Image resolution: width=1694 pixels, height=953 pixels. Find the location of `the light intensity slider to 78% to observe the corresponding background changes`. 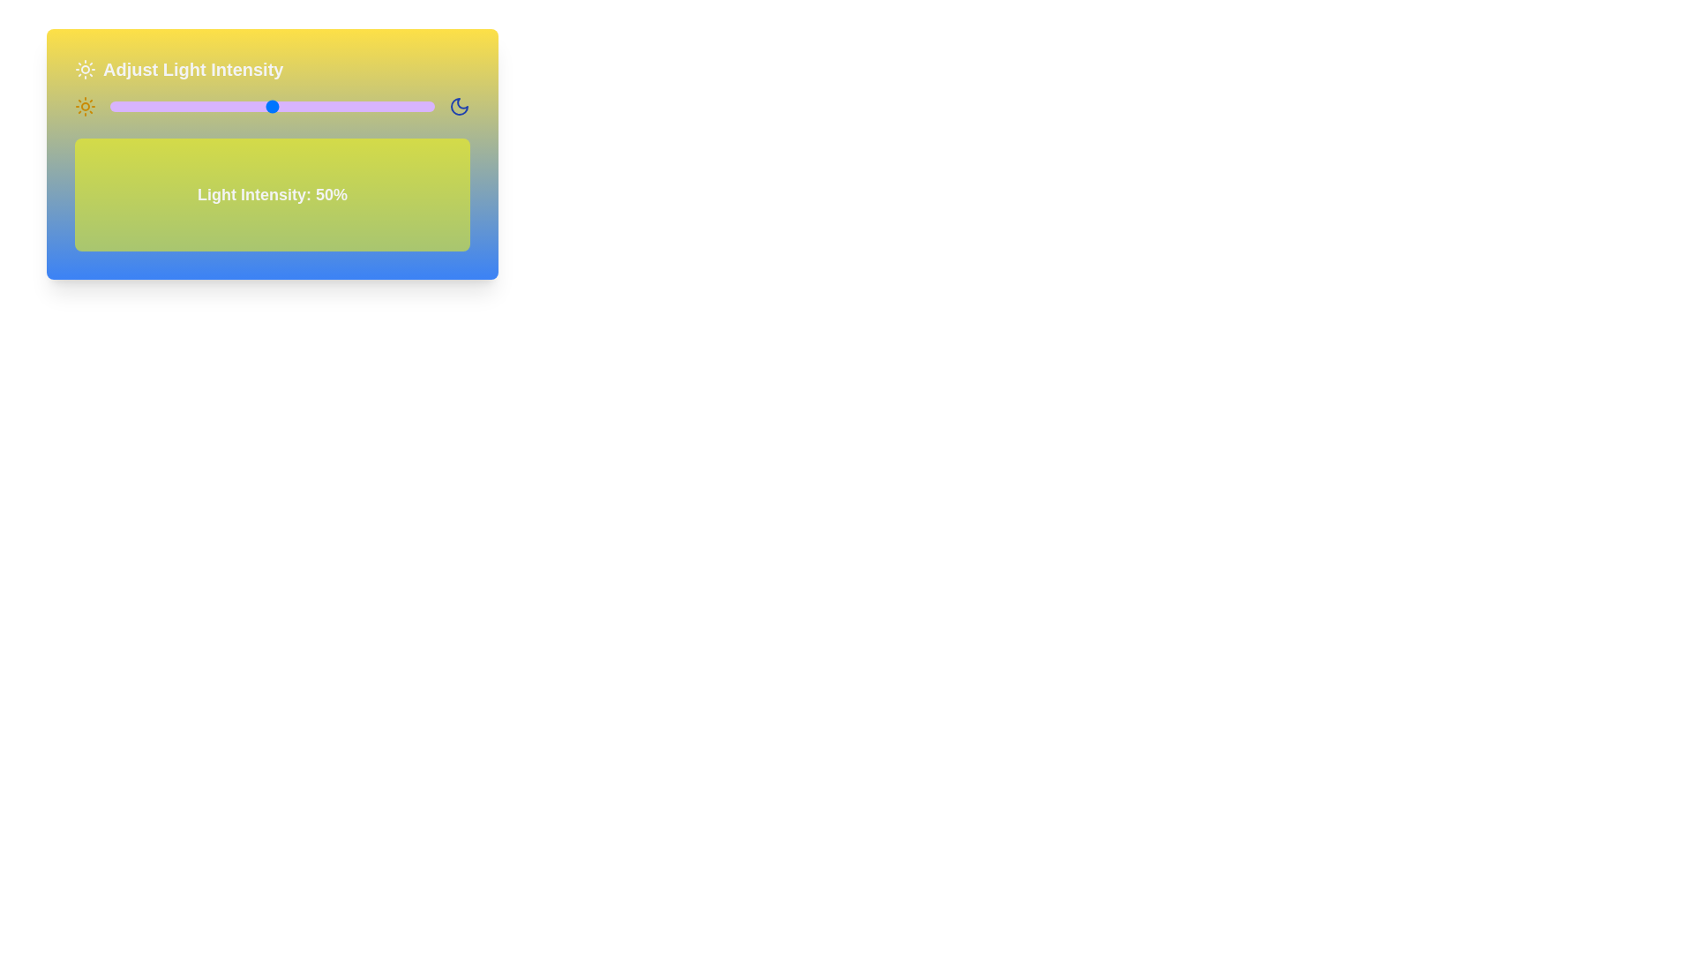

the light intensity slider to 78% to observe the corresponding background changes is located at coordinates (363, 106).